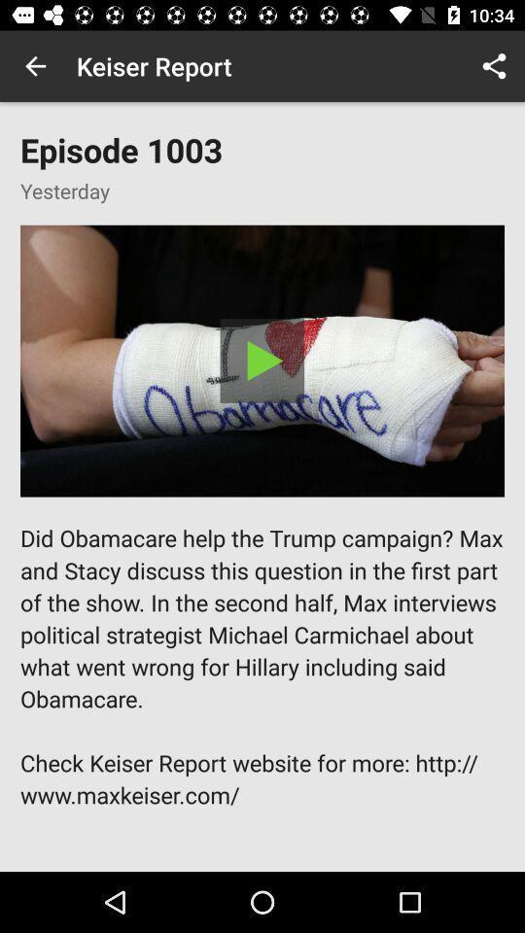  What do you see at coordinates (262, 360) in the screenshot?
I see `the item above the did obamacare help item` at bounding box center [262, 360].